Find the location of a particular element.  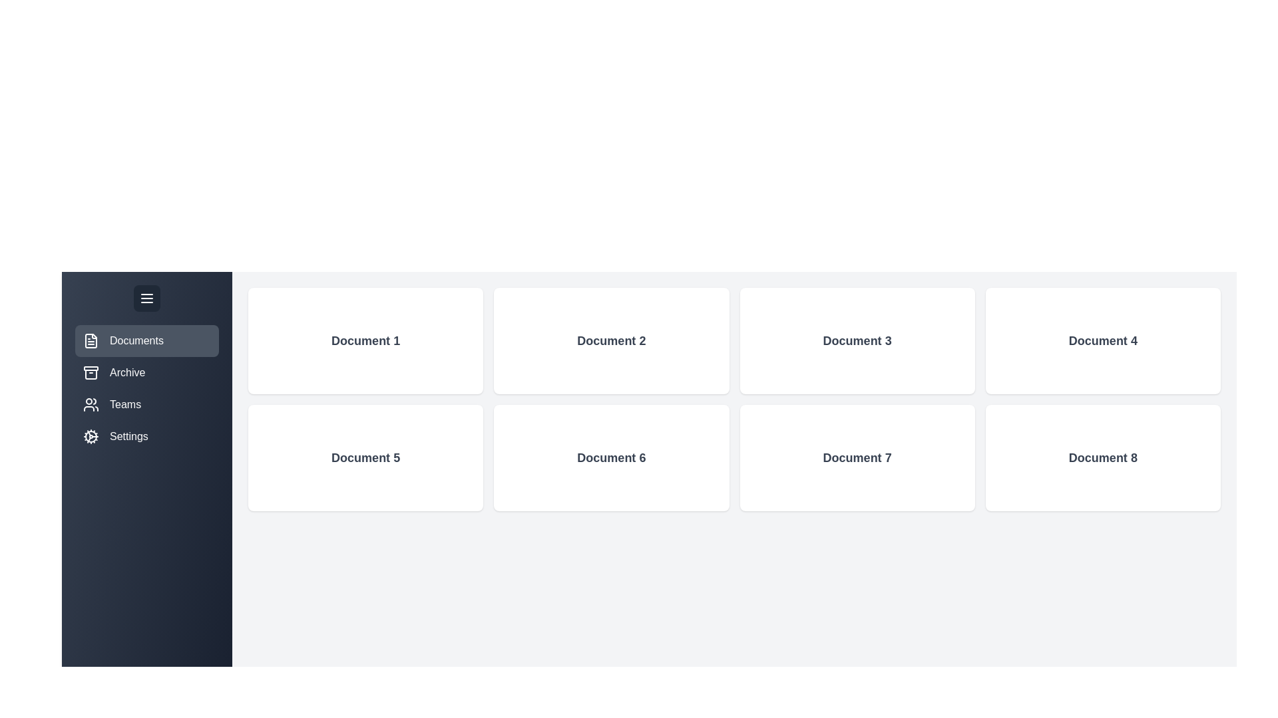

the 'Document 1' card to view its details is located at coordinates (365, 340).